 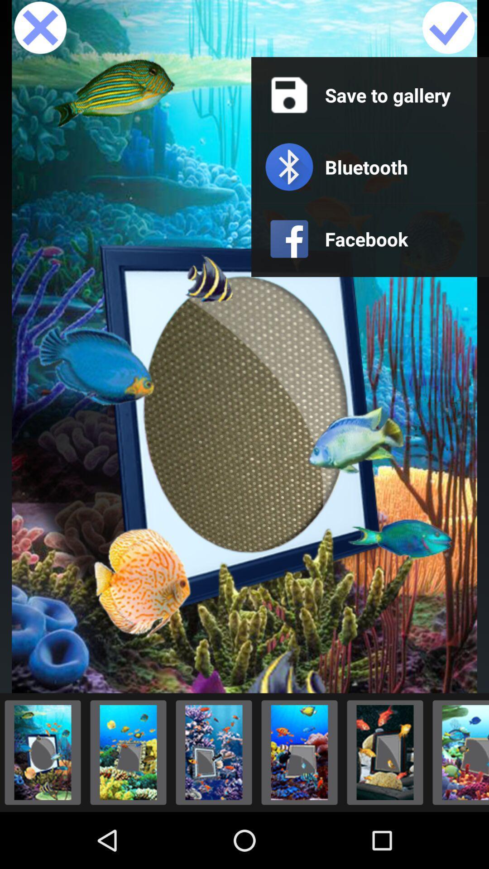 What do you see at coordinates (458, 752) in the screenshot?
I see `choose this photo` at bounding box center [458, 752].